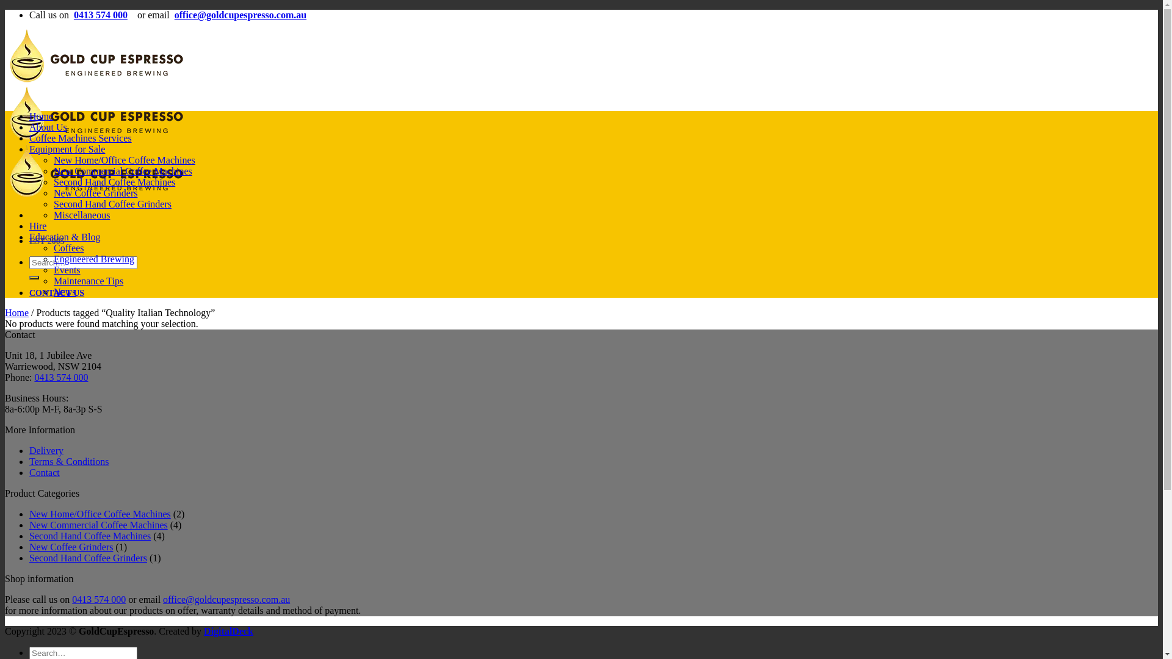  Describe the element at coordinates (38, 226) in the screenshot. I see `'Hire'` at that location.